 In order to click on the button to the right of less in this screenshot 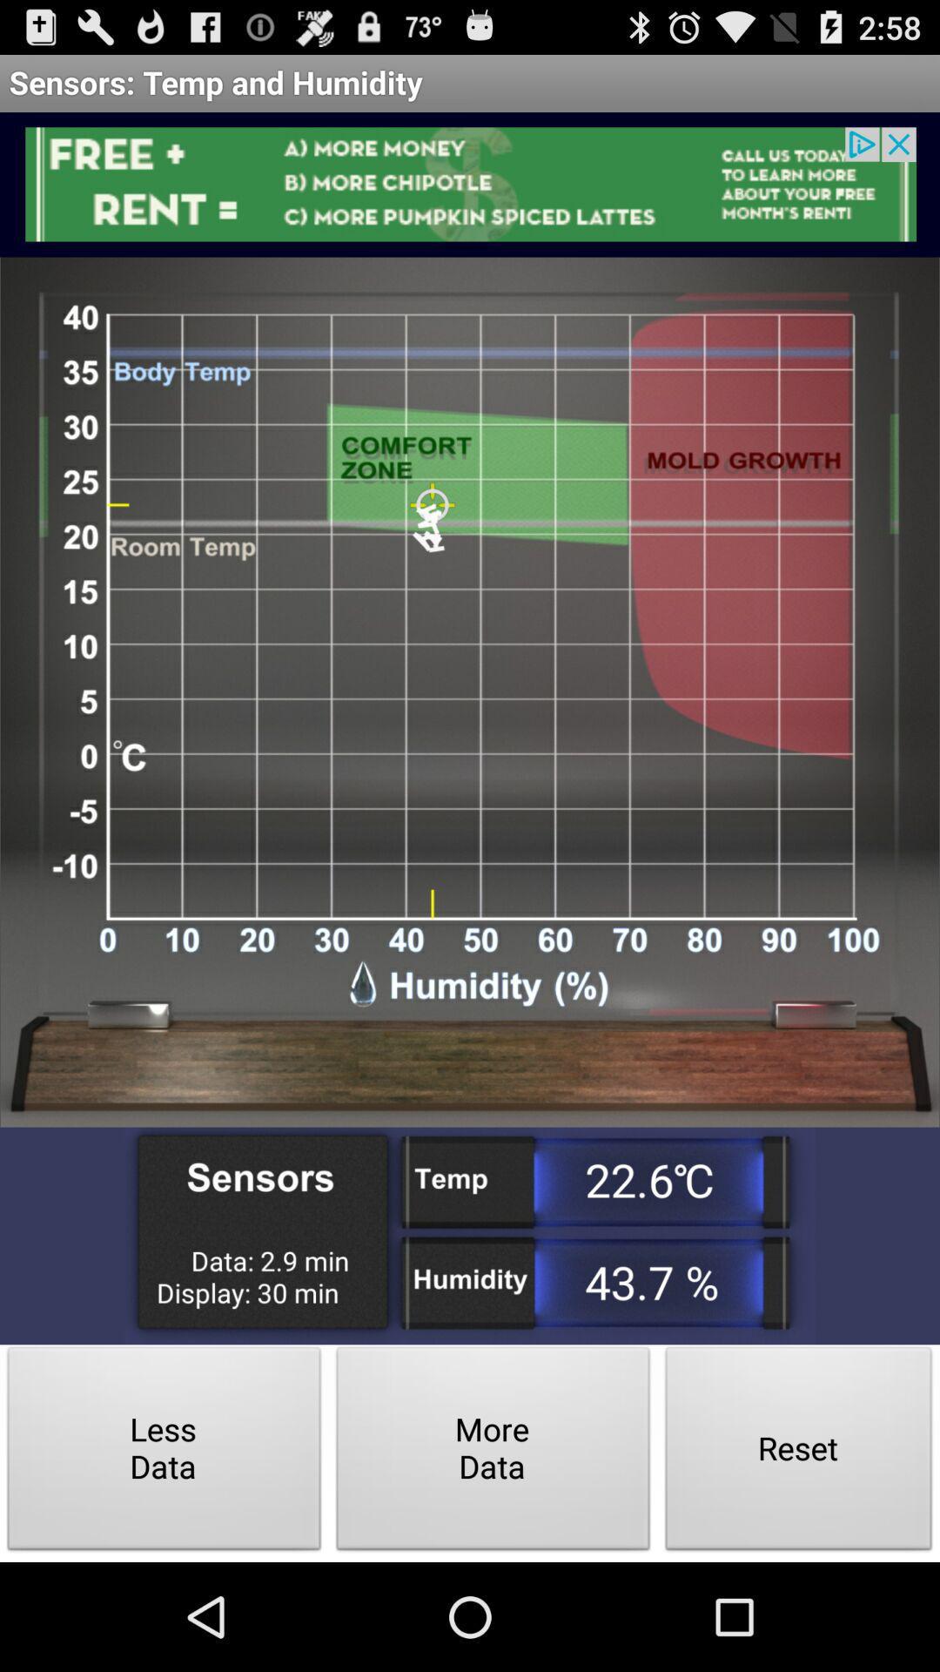, I will do `click(493, 1453)`.